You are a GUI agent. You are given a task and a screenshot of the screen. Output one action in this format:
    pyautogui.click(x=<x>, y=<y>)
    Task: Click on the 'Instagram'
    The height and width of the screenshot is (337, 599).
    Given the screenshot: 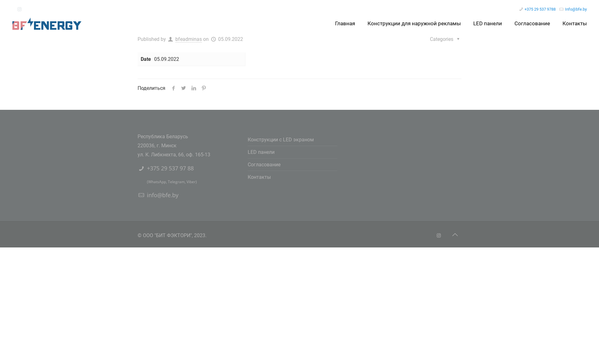 What is the action you would take?
    pyautogui.click(x=438, y=236)
    